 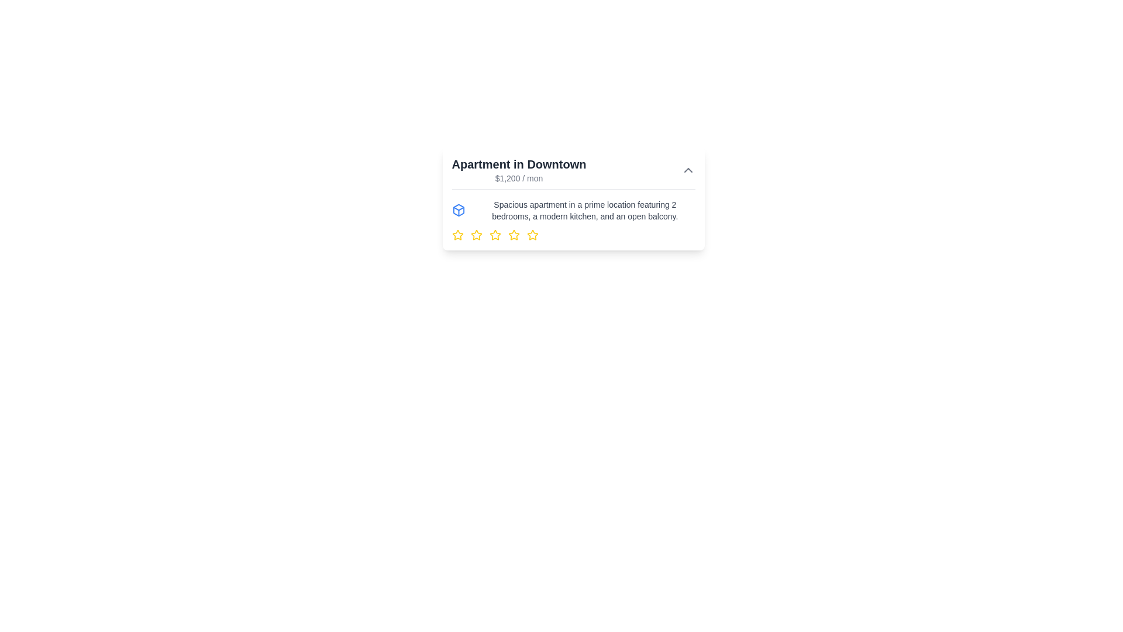 What do you see at coordinates (532, 235) in the screenshot?
I see `the third star icon in the rating widget` at bounding box center [532, 235].